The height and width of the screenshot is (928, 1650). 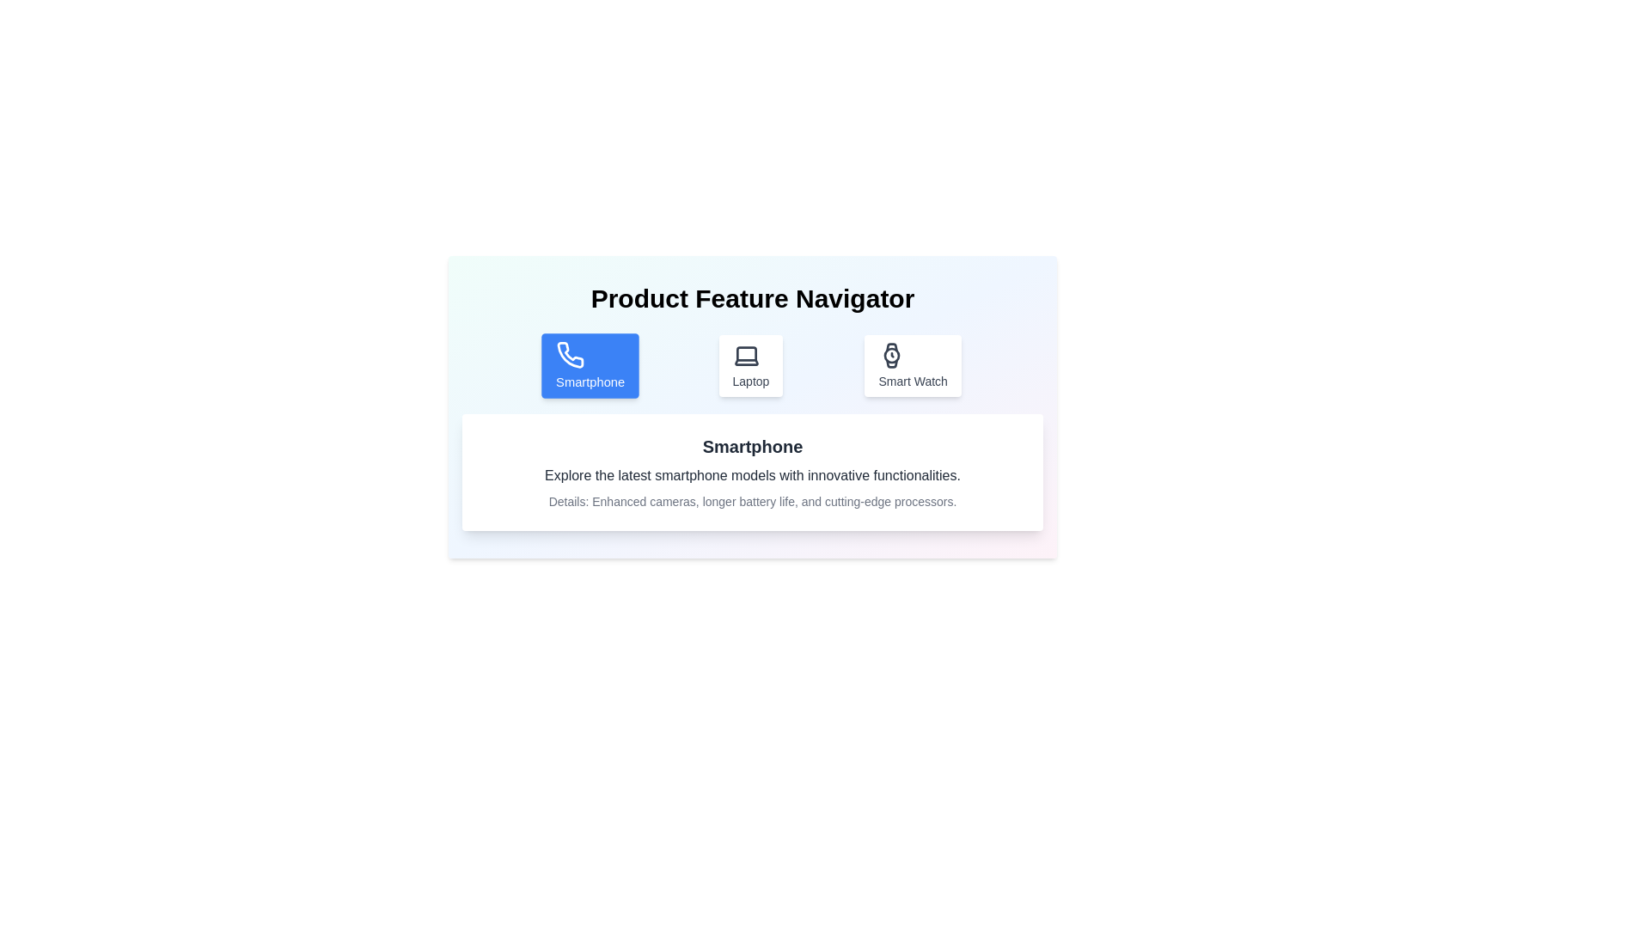 I want to click on the Laptop tab by clicking on the corresponding button, so click(x=750, y=364).